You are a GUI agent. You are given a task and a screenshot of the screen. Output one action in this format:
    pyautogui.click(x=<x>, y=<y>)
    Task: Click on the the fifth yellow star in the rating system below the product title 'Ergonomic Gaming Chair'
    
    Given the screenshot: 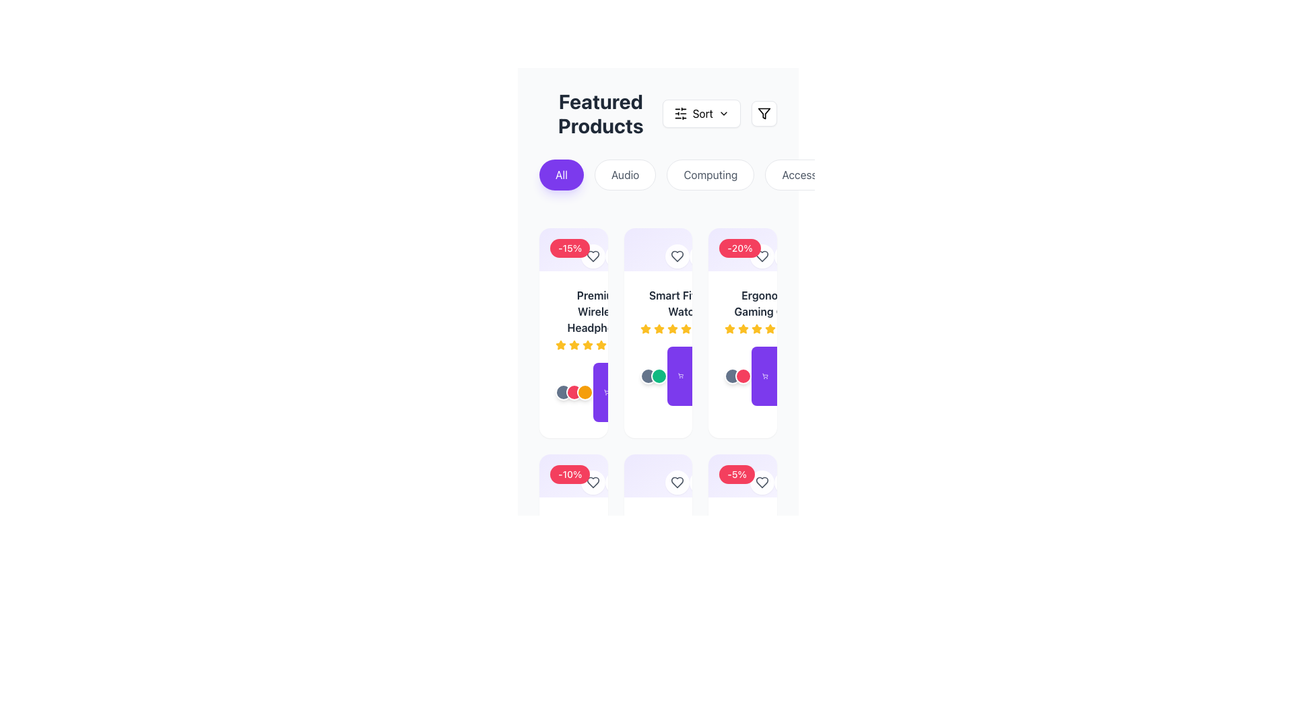 What is the action you would take?
    pyautogui.click(x=757, y=329)
    